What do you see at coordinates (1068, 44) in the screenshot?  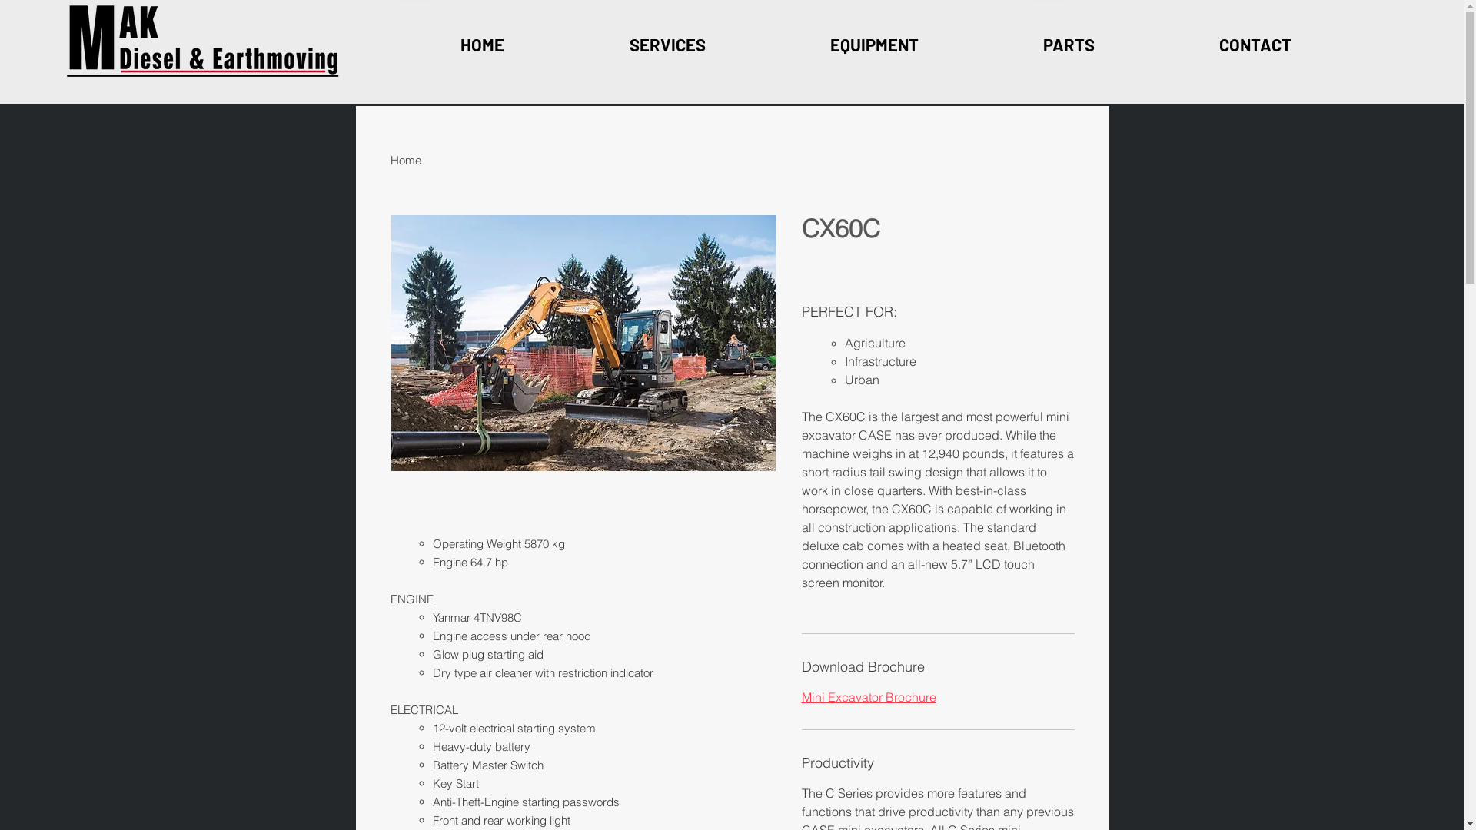 I see `'PARTS'` at bounding box center [1068, 44].